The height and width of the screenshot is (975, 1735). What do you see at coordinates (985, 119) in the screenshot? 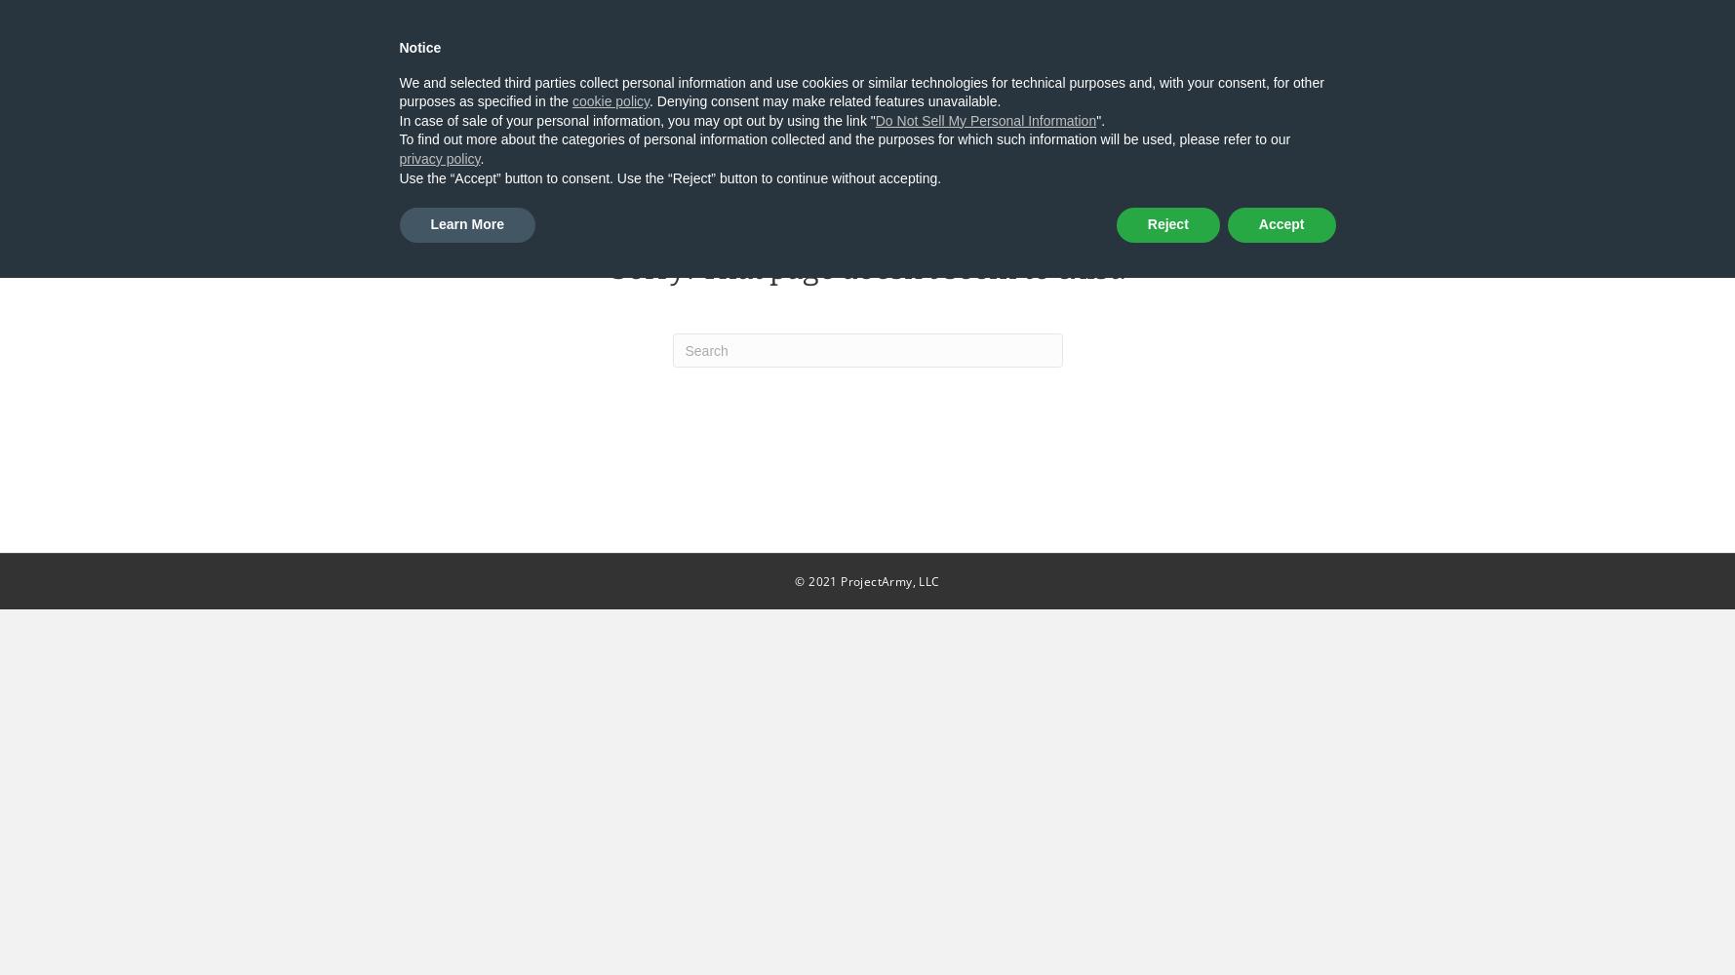
I see `'Do Not Sell My Personal Information'` at bounding box center [985, 119].